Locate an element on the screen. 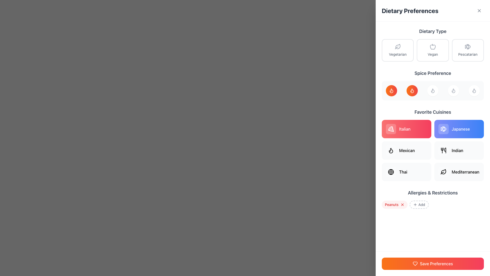 Image resolution: width=490 pixels, height=276 pixels. the rectangular button with a gradient background transitioning from red to rose, featuring a white pizza icon and the text 'Italian' in white is located at coordinates (406, 129).